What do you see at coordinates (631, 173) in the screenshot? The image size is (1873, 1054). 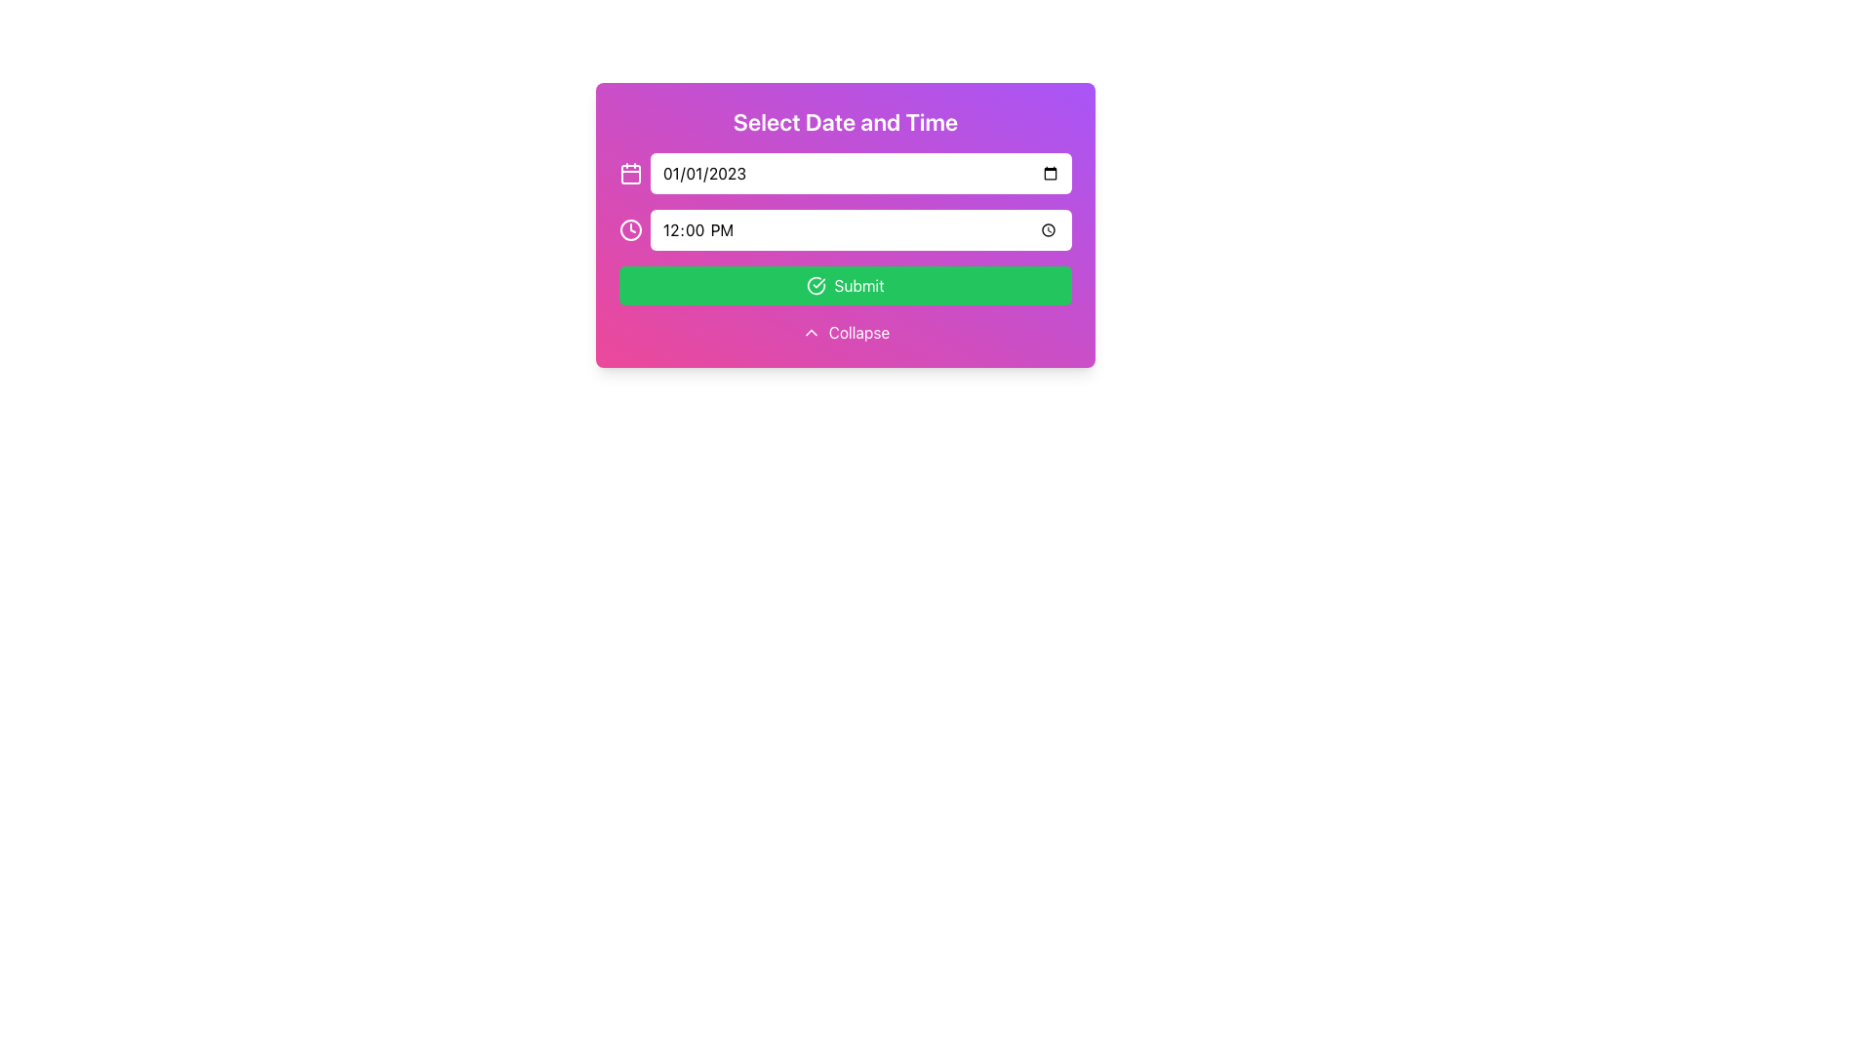 I see `the main rectangular part of the calendar icon within the SVG graphic, which indicates the date selection functionality` at bounding box center [631, 173].